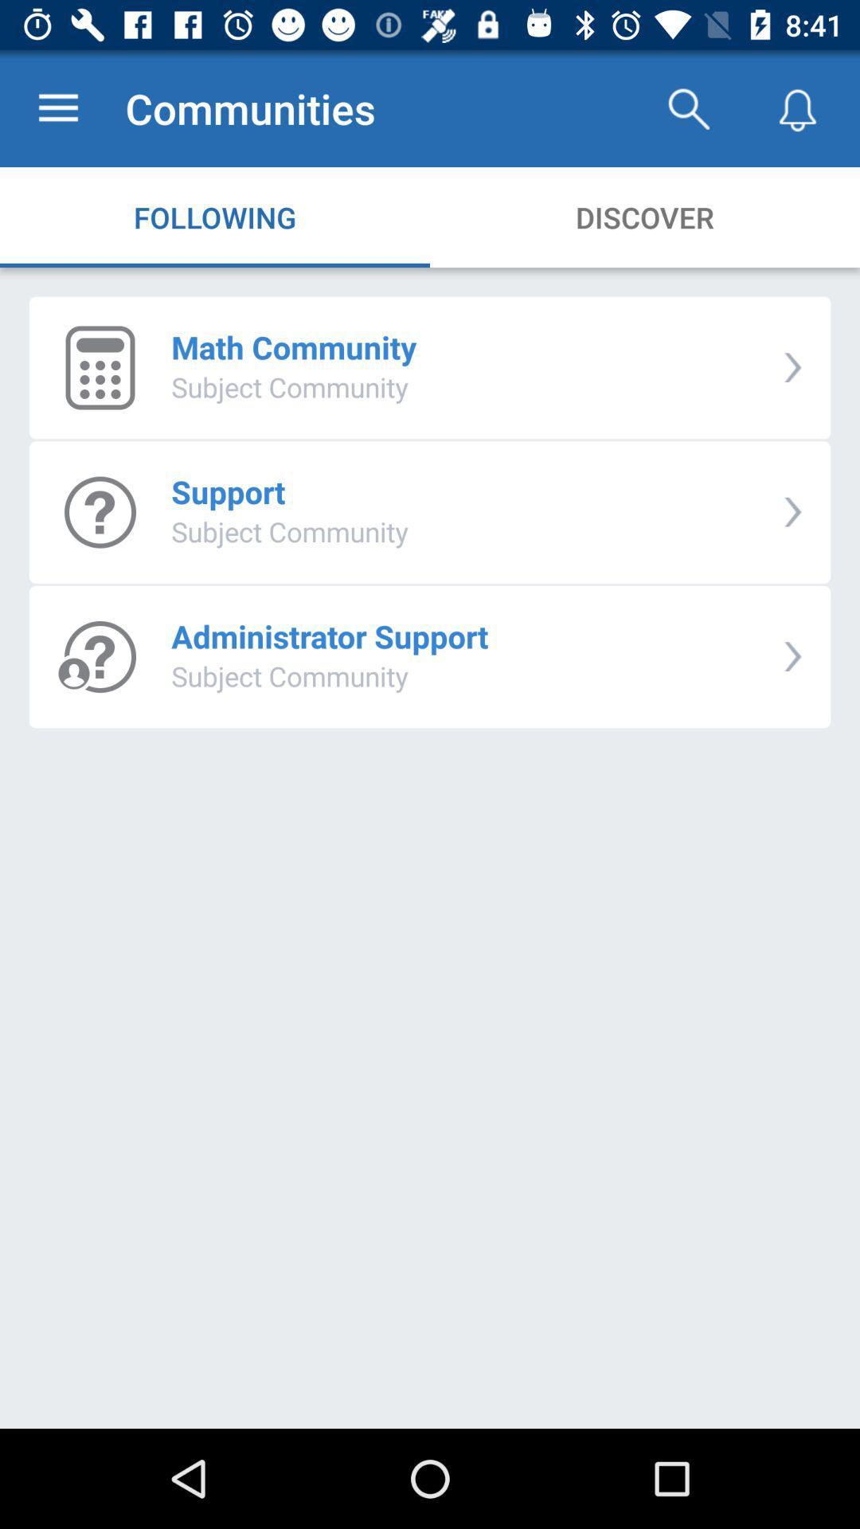 This screenshot has width=860, height=1529. I want to click on icon above the subject community item, so click(294, 346).